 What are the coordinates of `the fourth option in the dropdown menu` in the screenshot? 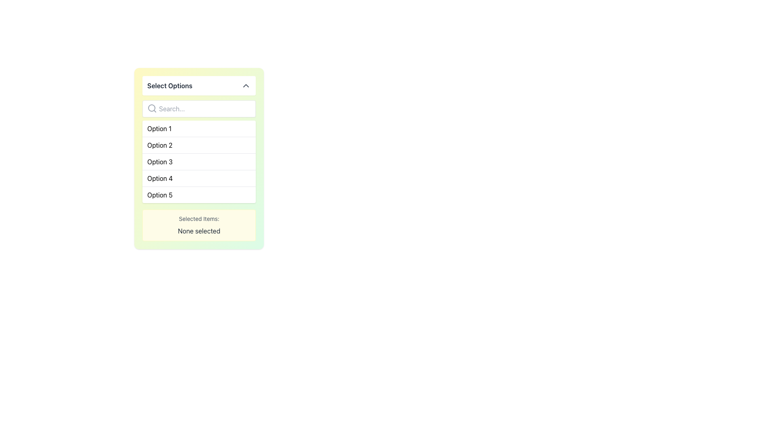 It's located at (160, 178).